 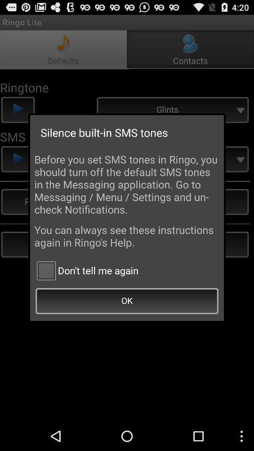 What do you see at coordinates (127, 301) in the screenshot?
I see `ok icon` at bounding box center [127, 301].